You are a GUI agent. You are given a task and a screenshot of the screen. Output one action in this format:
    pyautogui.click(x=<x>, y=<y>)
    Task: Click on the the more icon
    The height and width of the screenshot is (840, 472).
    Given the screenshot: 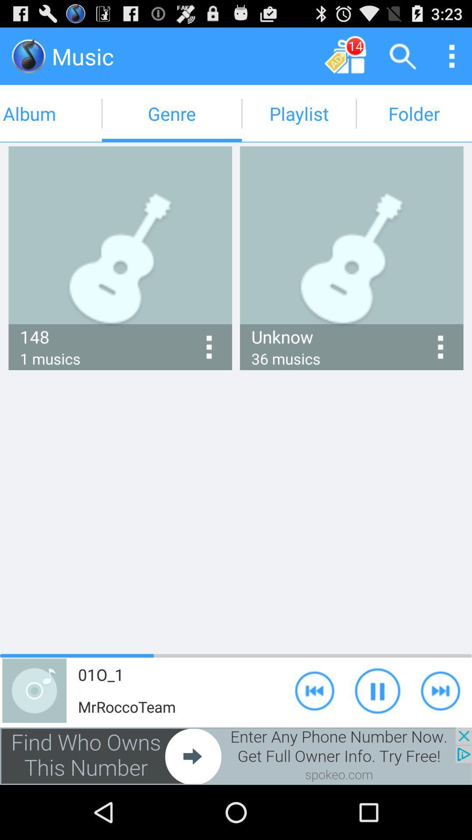 What is the action you would take?
    pyautogui.click(x=451, y=59)
    